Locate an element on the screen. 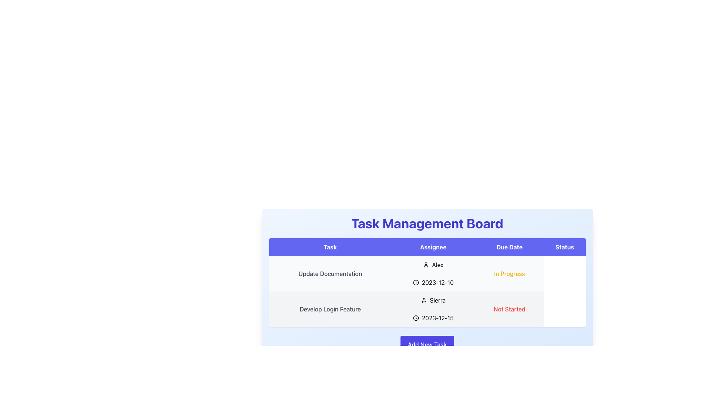 Image resolution: width=710 pixels, height=399 pixels. label of the header cell with a blue background and white text reading 'Assignee' in the table layout is located at coordinates (433, 247).